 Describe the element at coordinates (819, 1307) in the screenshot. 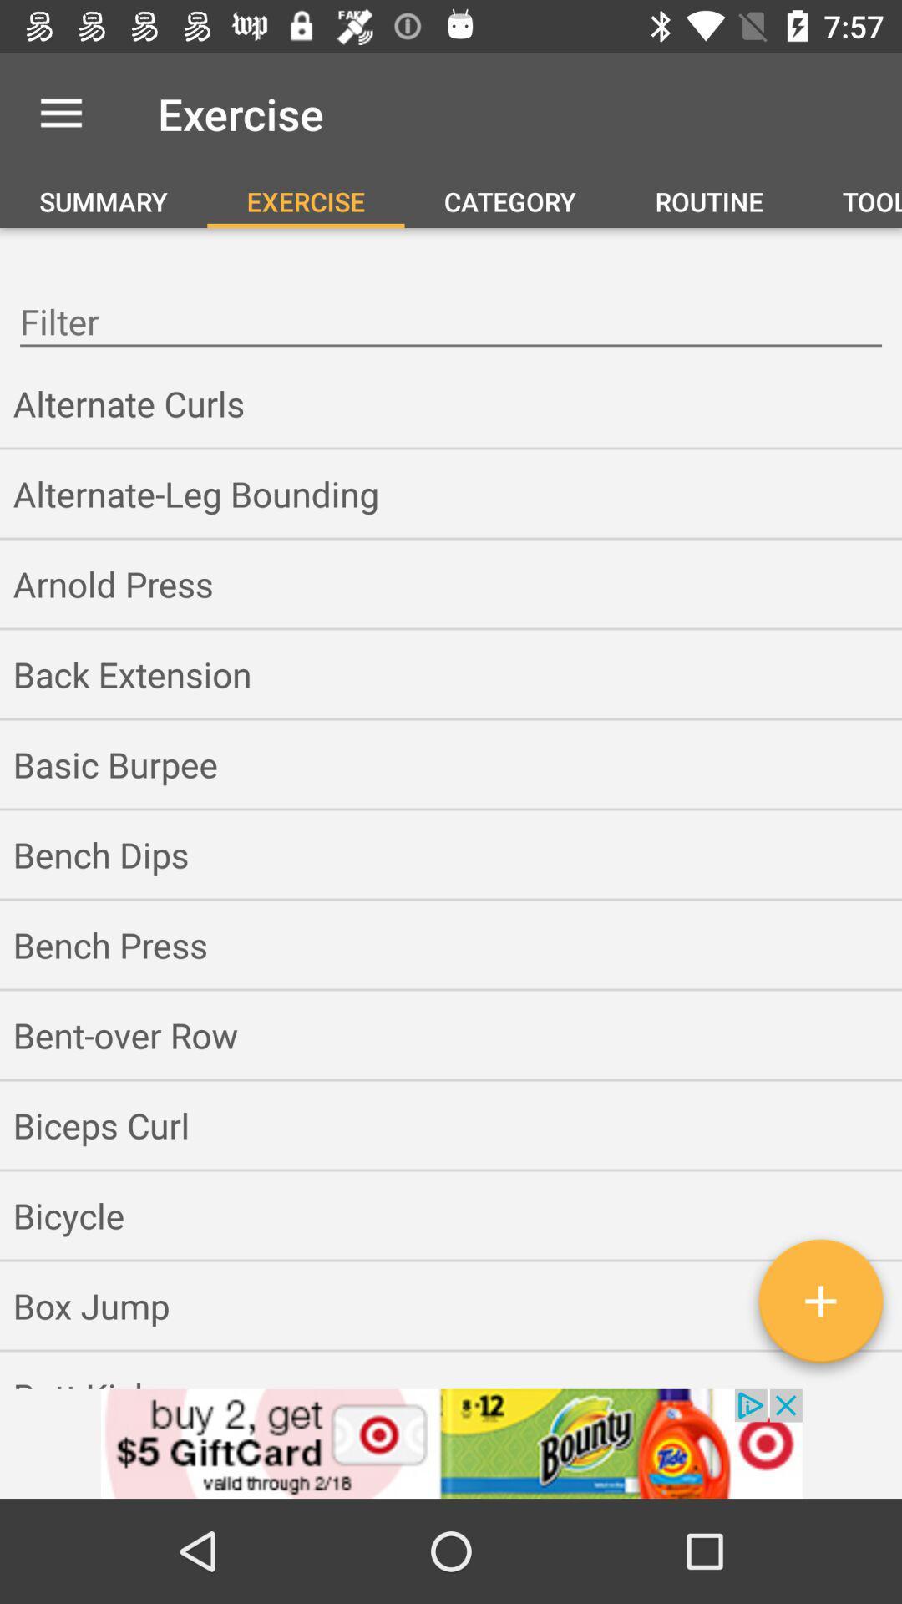

I see `exercise` at that location.